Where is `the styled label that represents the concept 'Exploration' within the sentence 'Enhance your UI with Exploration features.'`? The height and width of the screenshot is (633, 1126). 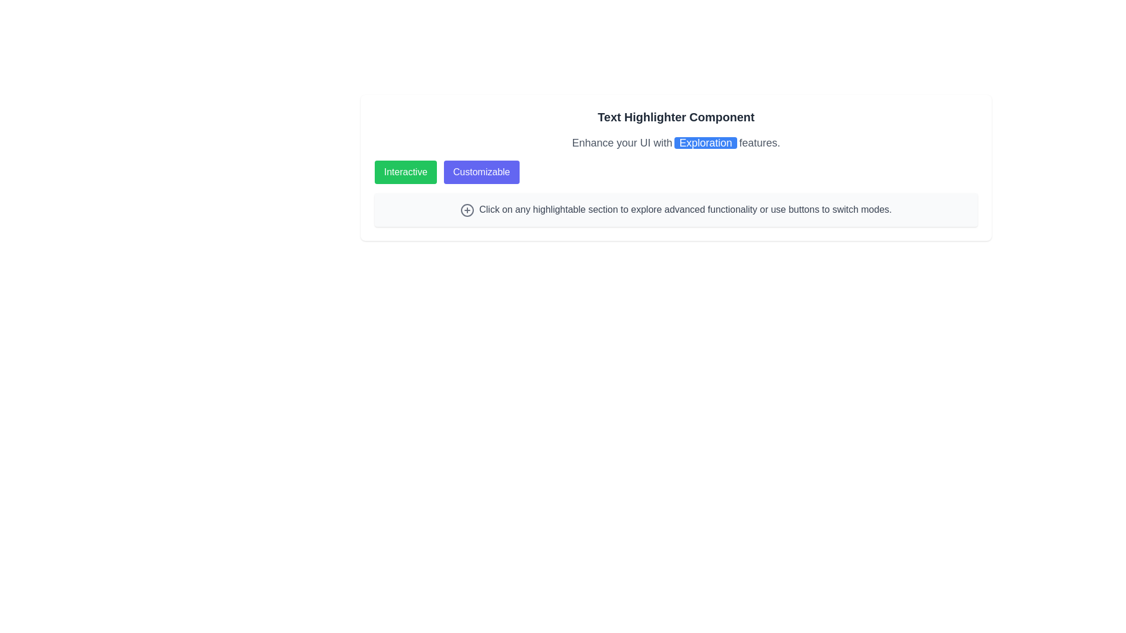 the styled label that represents the concept 'Exploration' within the sentence 'Enhance your UI with Exploration features.' is located at coordinates (705, 142).